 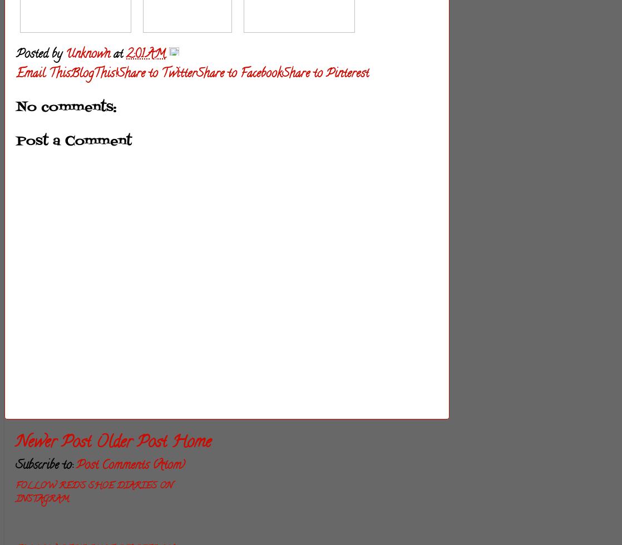 What do you see at coordinates (325, 73) in the screenshot?
I see `'Share to Pinterest'` at bounding box center [325, 73].